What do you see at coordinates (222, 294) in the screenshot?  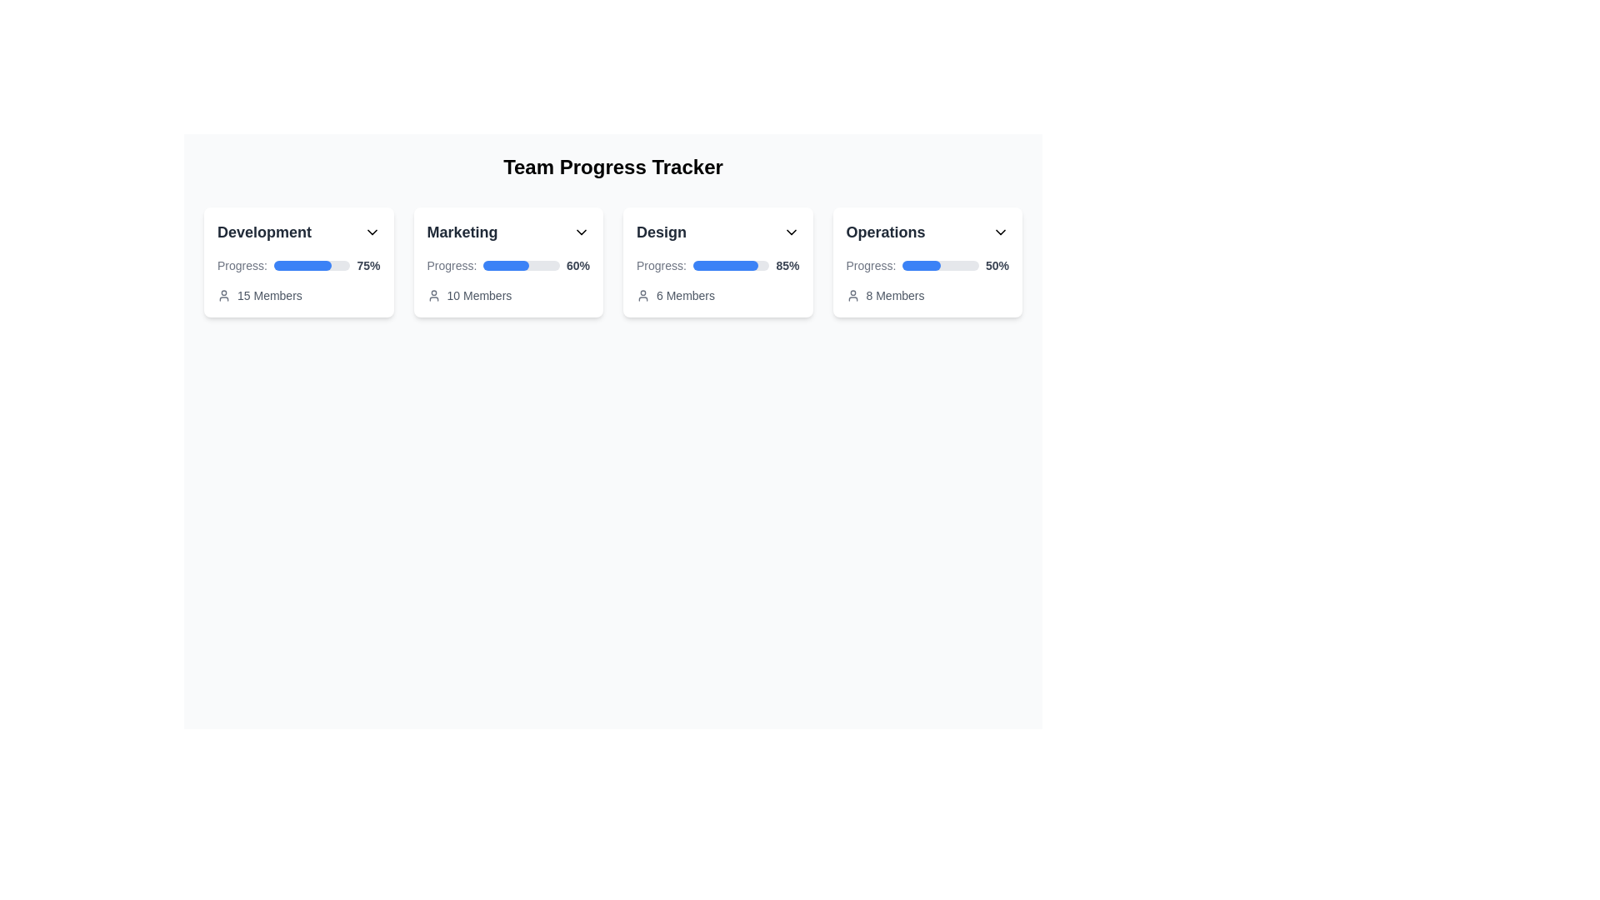 I see `the small gray user silhouette icon located to the left of the text '15 Members' within the 'Development' card, which visually anchors the text` at bounding box center [222, 294].